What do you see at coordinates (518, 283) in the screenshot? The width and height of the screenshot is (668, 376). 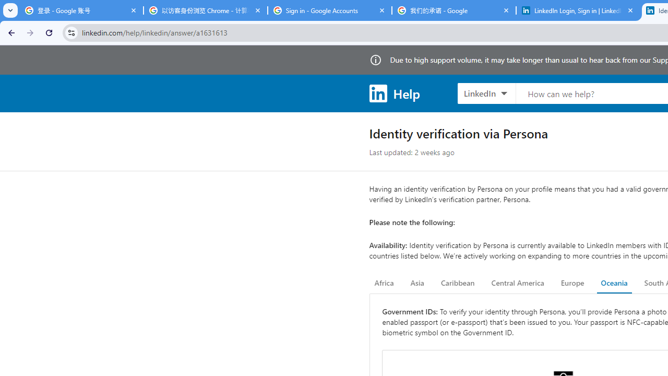 I see `'Central America'` at bounding box center [518, 283].